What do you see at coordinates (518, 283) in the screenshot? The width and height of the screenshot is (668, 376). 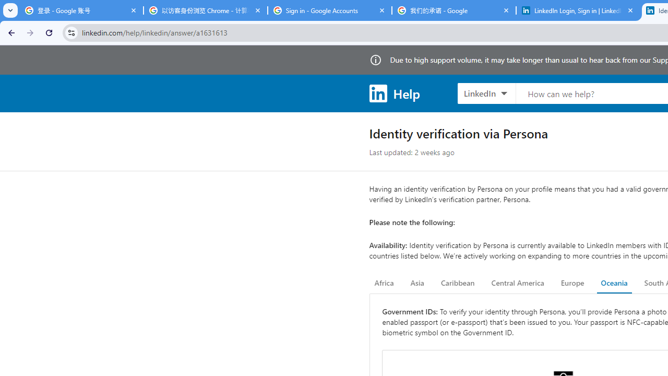 I see `'Central America'` at bounding box center [518, 283].